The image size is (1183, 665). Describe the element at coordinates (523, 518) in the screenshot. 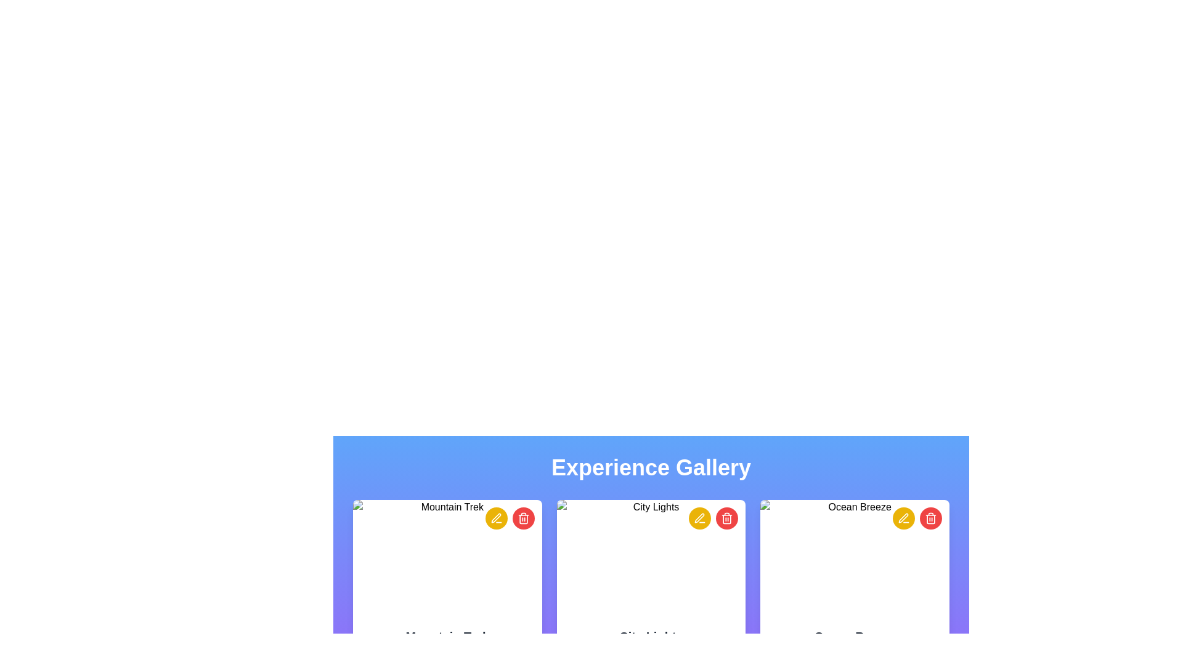

I see `the circular red button with a white trash icon located at the top-right corner of the 'Mountain Trek' card` at that location.